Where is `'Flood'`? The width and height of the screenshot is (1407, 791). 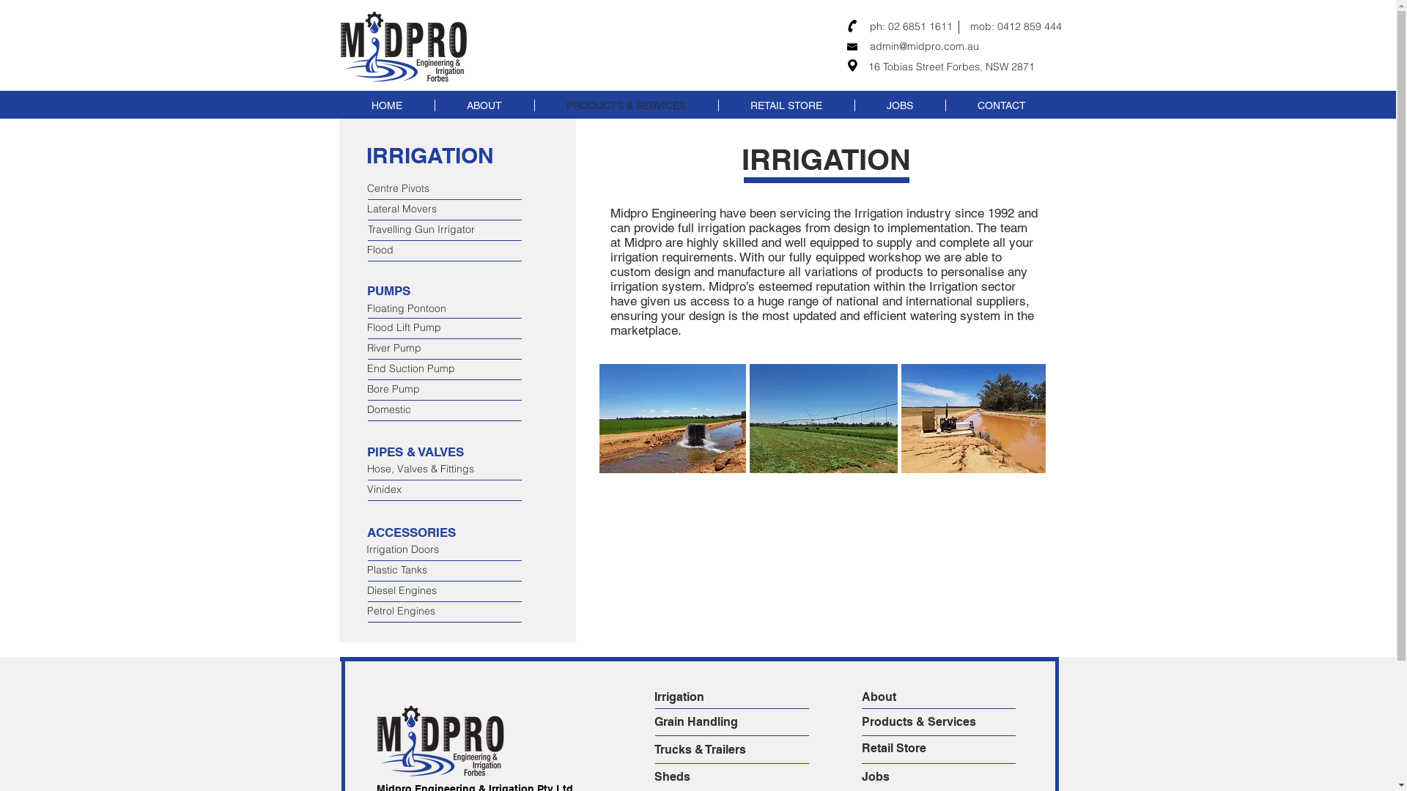 'Flood' is located at coordinates (366, 250).